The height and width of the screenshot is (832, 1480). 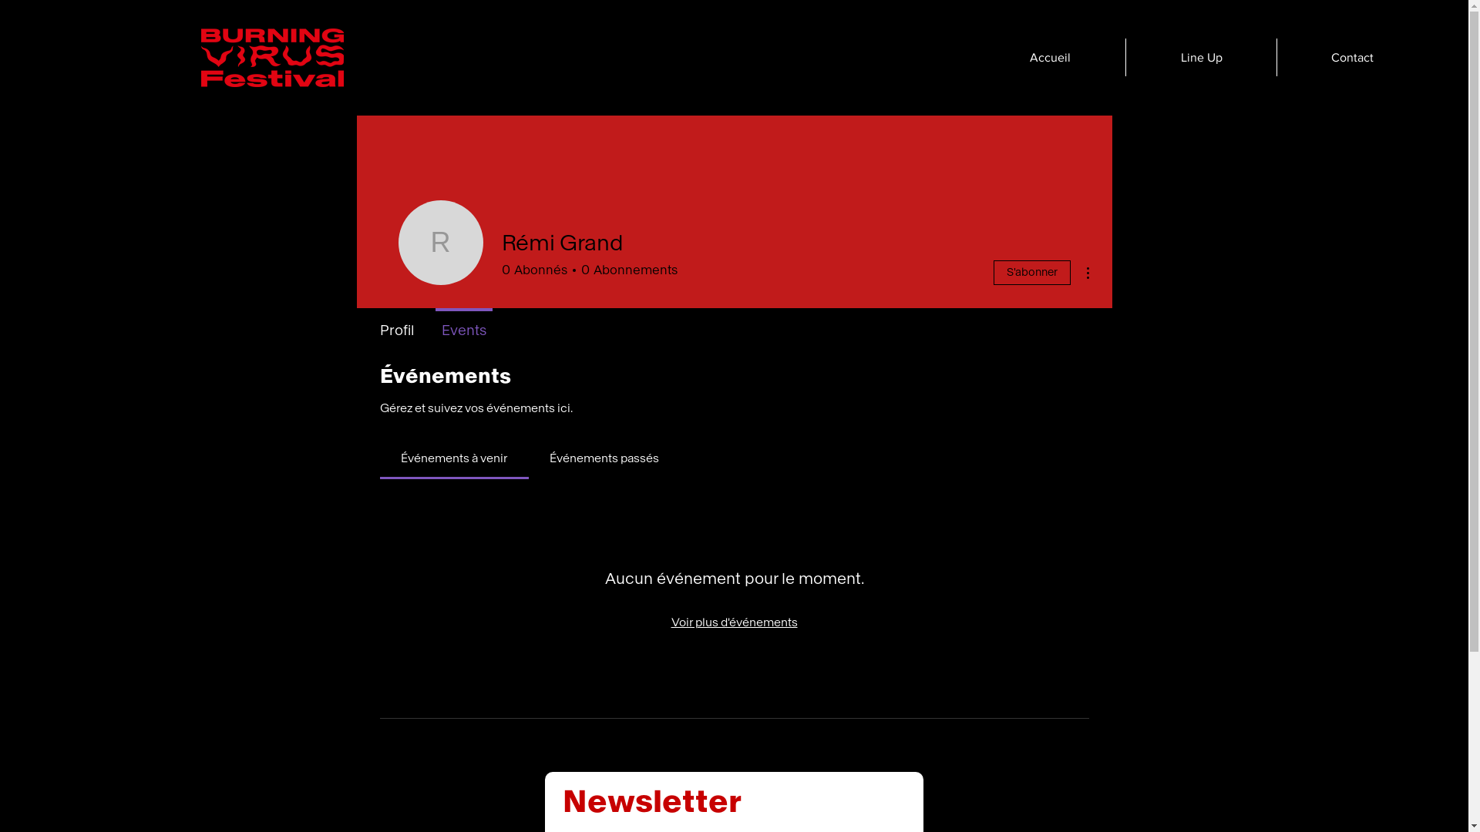 I want to click on 'Events', so click(x=462, y=323).